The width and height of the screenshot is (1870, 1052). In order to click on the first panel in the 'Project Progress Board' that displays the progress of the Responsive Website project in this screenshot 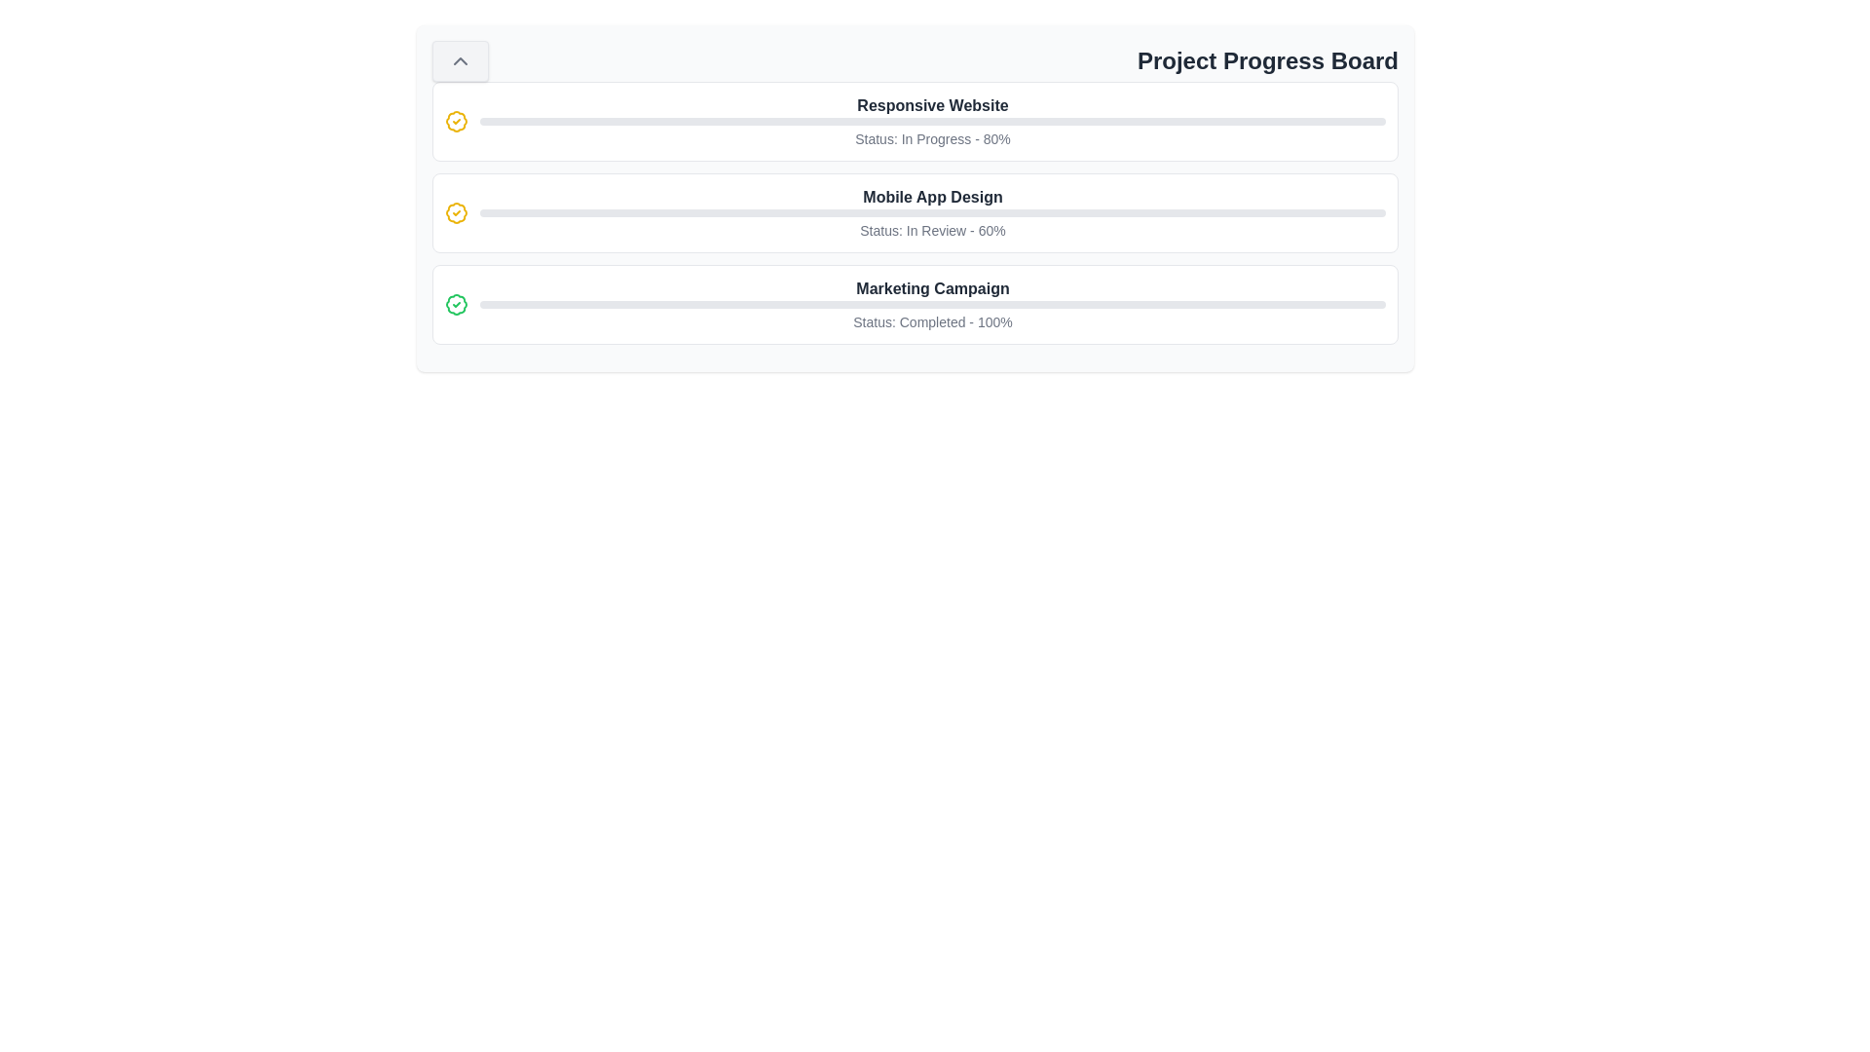, I will do `click(915, 121)`.